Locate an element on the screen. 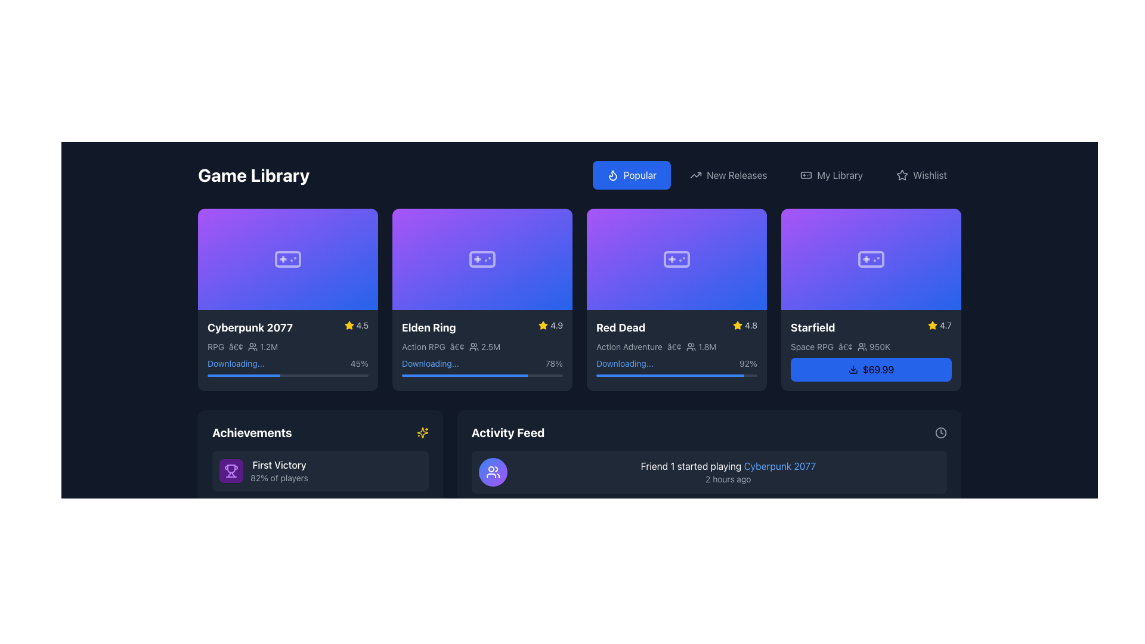 The height and width of the screenshot is (644, 1145). the 'Action RPG' text label that describes the genre of 'Elden Ring' located in the details section of the game card is located at coordinates (423, 346).